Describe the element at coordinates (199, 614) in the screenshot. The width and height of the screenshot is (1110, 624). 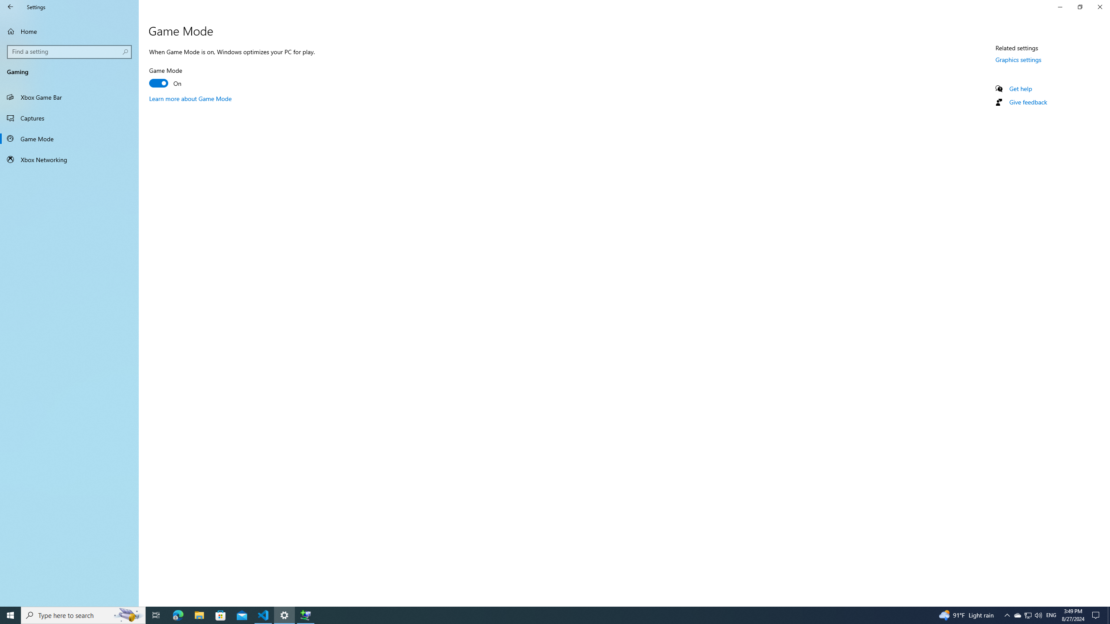
I see `'File Explorer'` at that location.